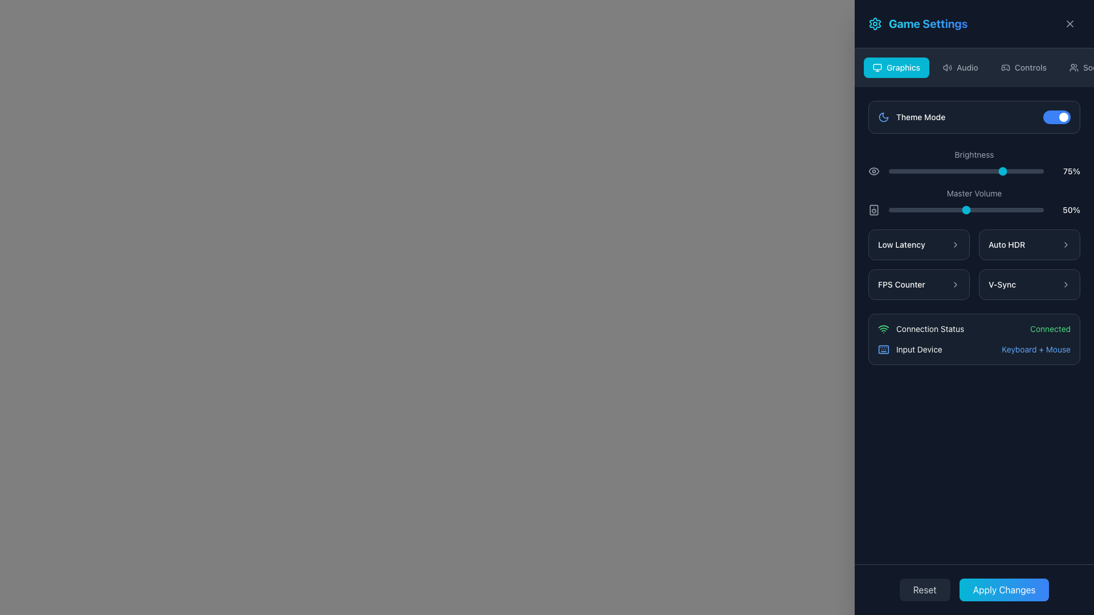 This screenshot has height=615, width=1094. What do you see at coordinates (973, 200) in the screenshot?
I see `the thumb of the 'Master Volume' slider` at bounding box center [973, 200].